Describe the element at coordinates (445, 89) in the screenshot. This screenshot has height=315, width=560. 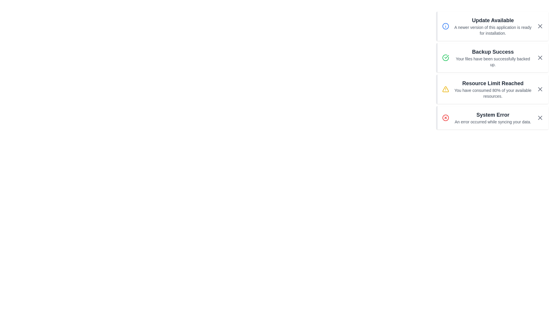
I see `the warning icon indicating 'Resource Limit Reached' located as the second icon in the vertical stack of notifications` at that location.